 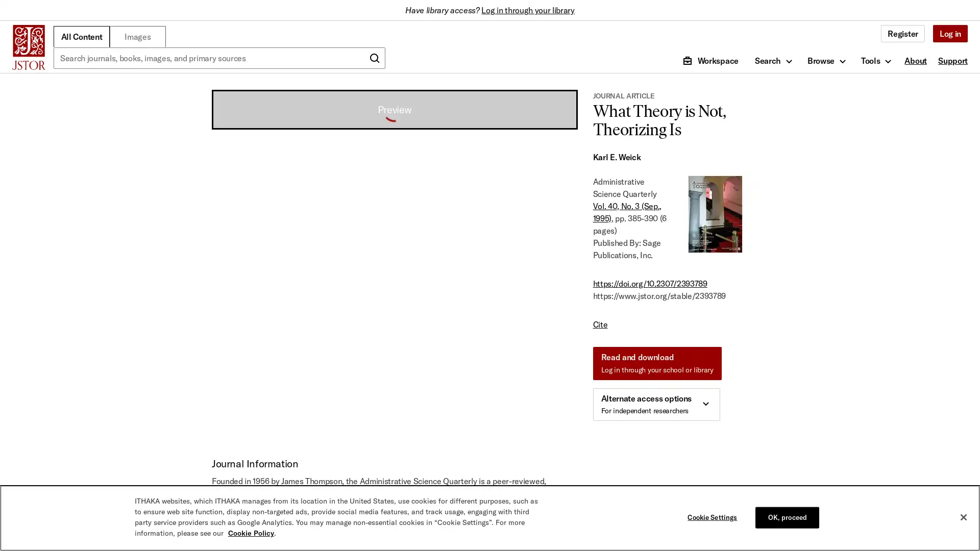 I want to click on Register, so click(x=902, y=33).